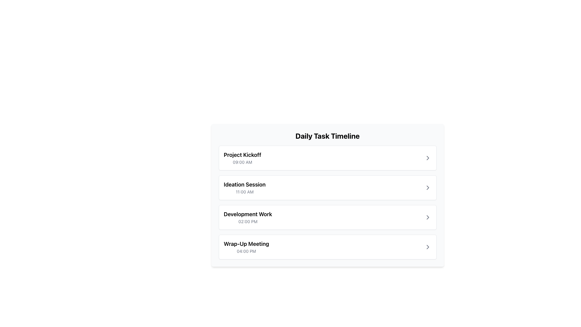  Describe the element at coordinates (246, 244) in the screenshot. I see `the text label displaying 'Wrap-Up Meeting', which is the title of the fourth entry in the 'Daily Task Timeline'` at that location.